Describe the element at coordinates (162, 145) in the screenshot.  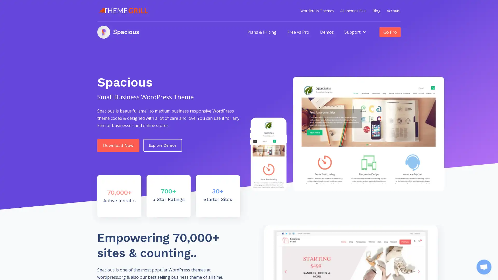
I see `Explore Demos` at that location.